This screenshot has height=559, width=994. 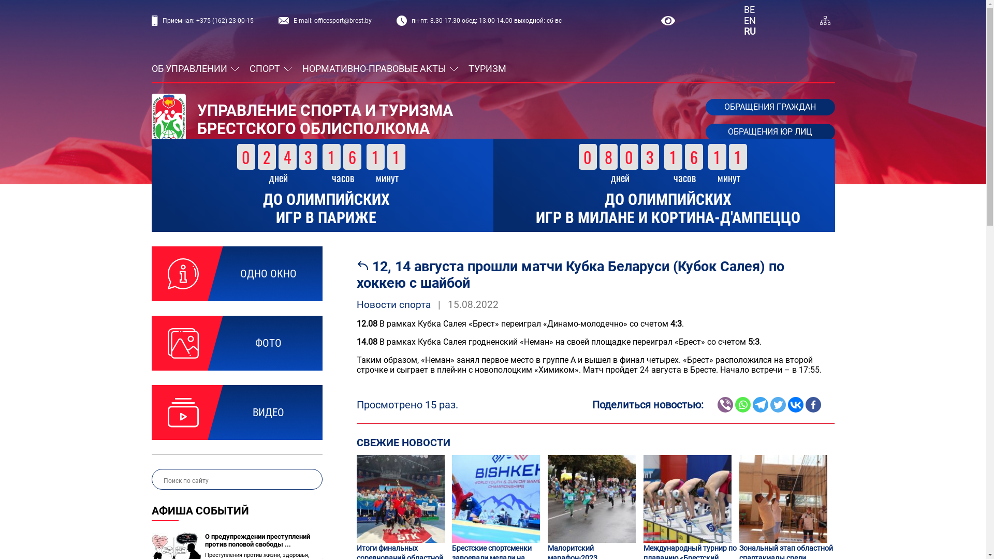 I want to click on 'Whatsapp', so click(x=742, y=404).